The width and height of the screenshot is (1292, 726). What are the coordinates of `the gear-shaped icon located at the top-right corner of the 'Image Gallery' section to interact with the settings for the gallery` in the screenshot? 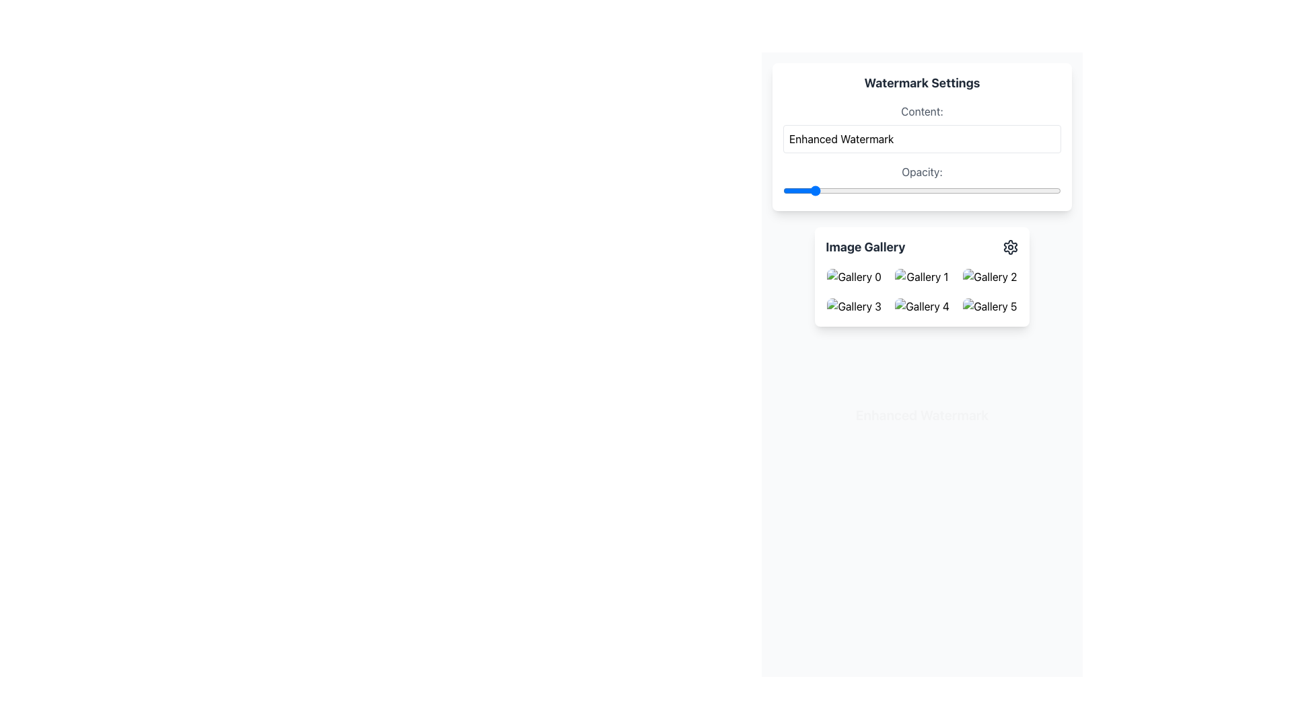 It's located at (1010, 247).